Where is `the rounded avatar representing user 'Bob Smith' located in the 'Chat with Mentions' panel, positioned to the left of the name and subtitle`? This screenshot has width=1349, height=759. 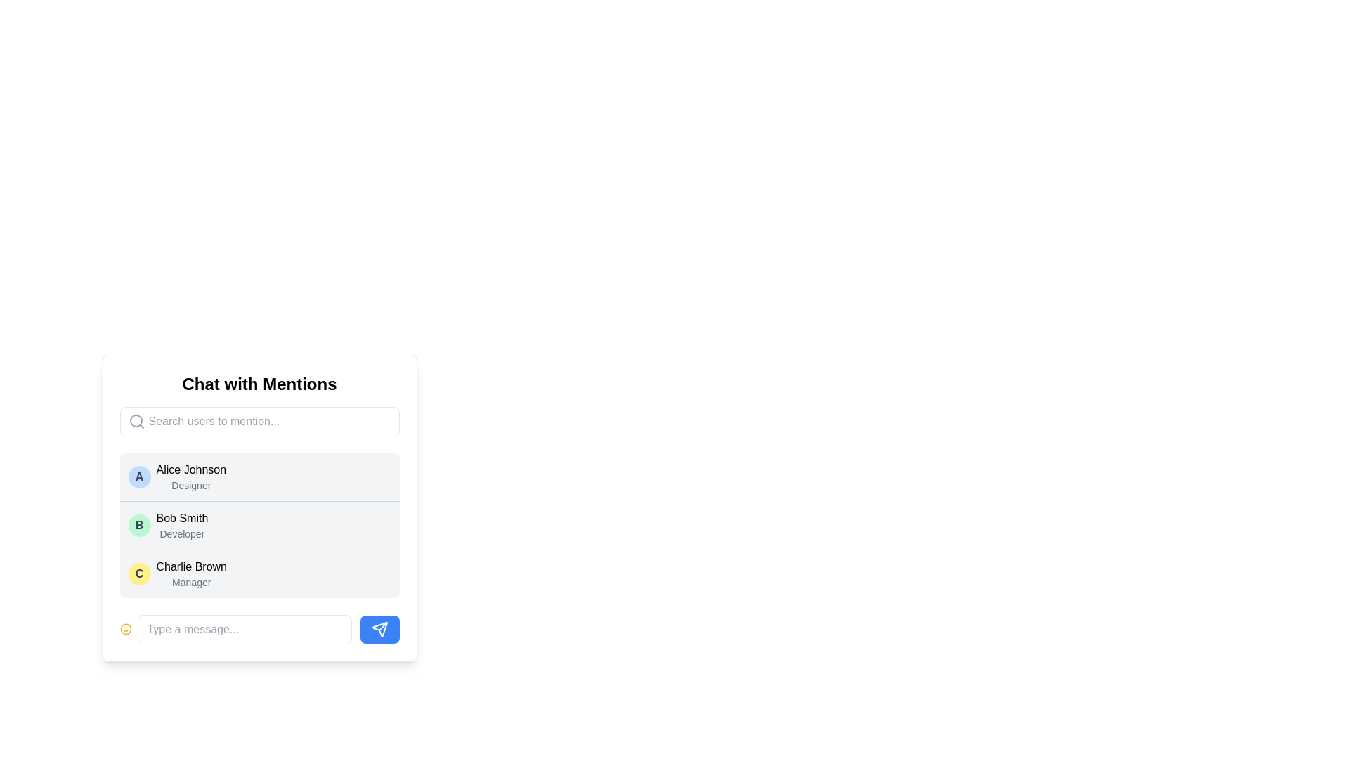
the rounded avatar representing user 'Bob Smith' located in the 'Chat with Mentions' panel, positioned to the left of the name and subtitle is located at coordinates (139, 526).